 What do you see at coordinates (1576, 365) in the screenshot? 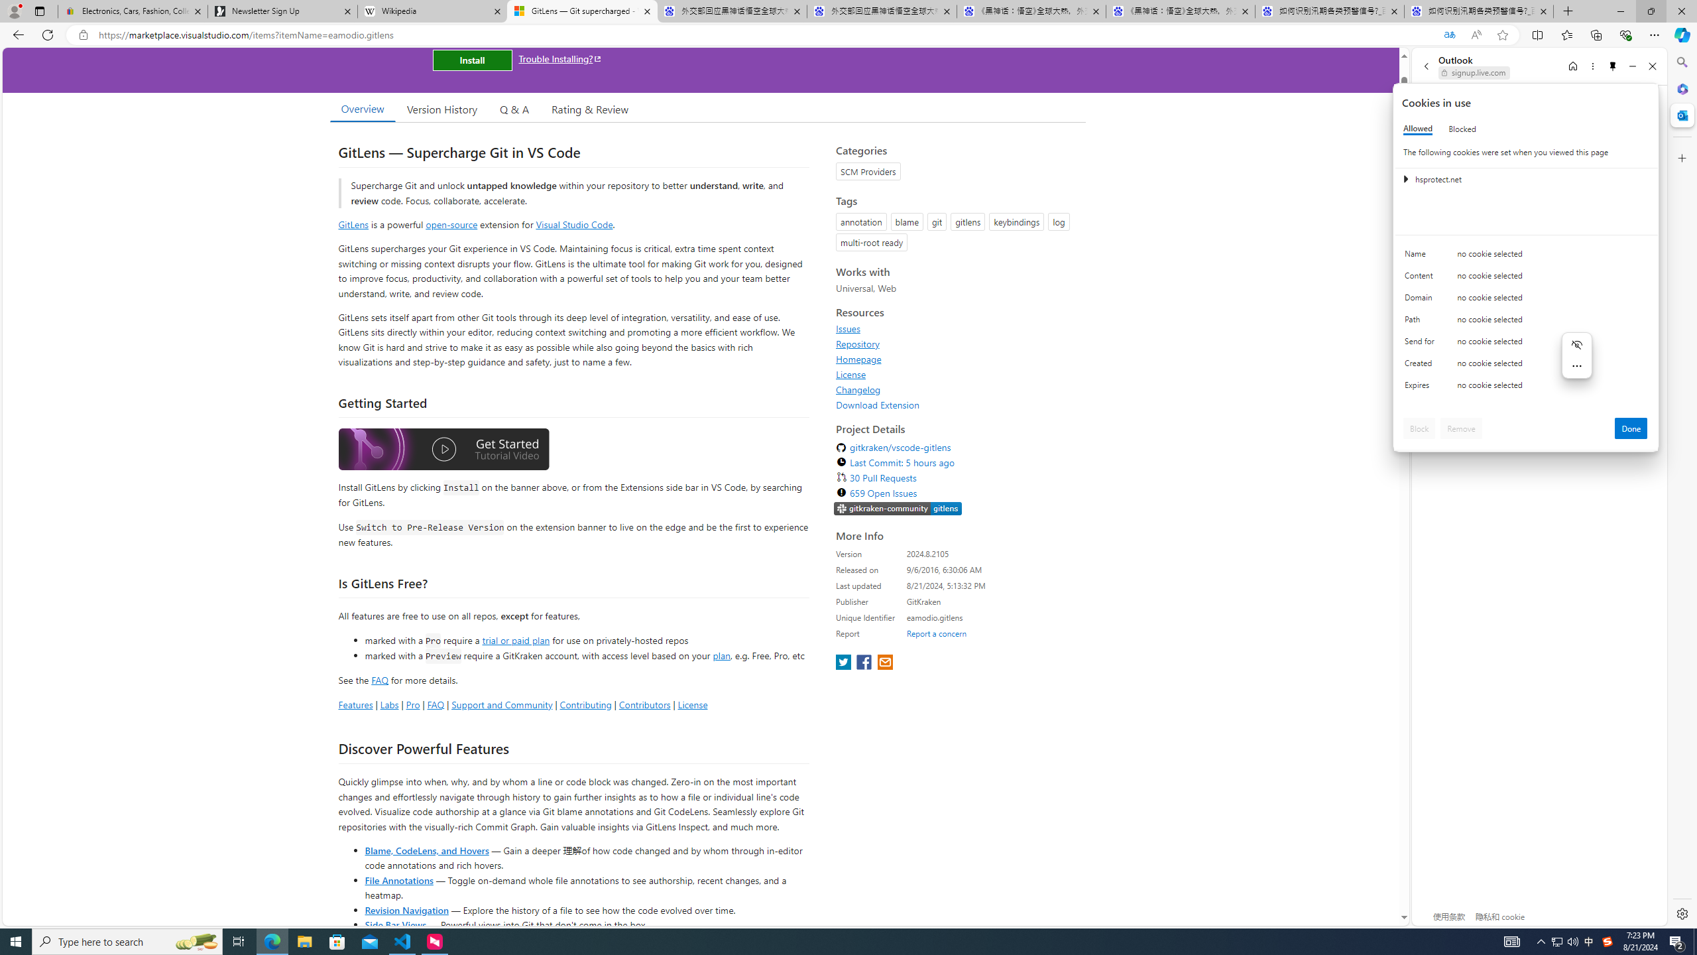
I see `'More actions'` at bounding box center [1576, 365].